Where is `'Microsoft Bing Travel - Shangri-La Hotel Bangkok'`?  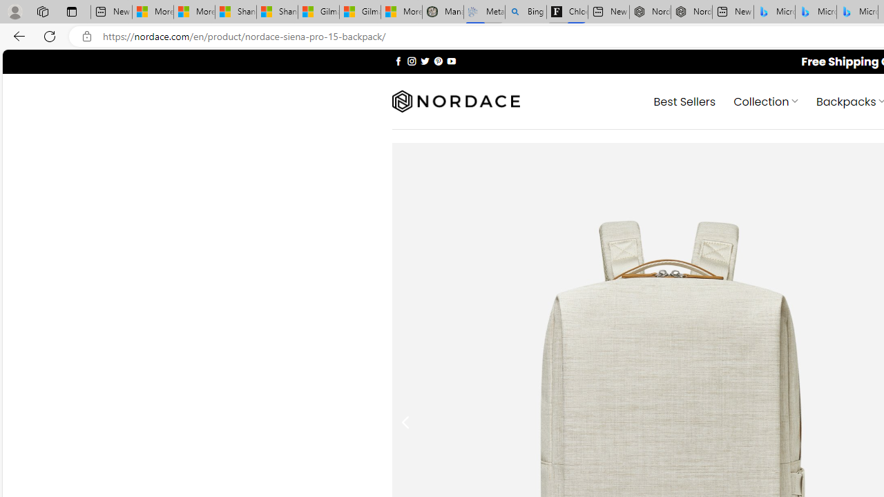 'Microsoft Bing Travel - Shangri-La Hotel Bangkok' is located at coordinates (856, 12).